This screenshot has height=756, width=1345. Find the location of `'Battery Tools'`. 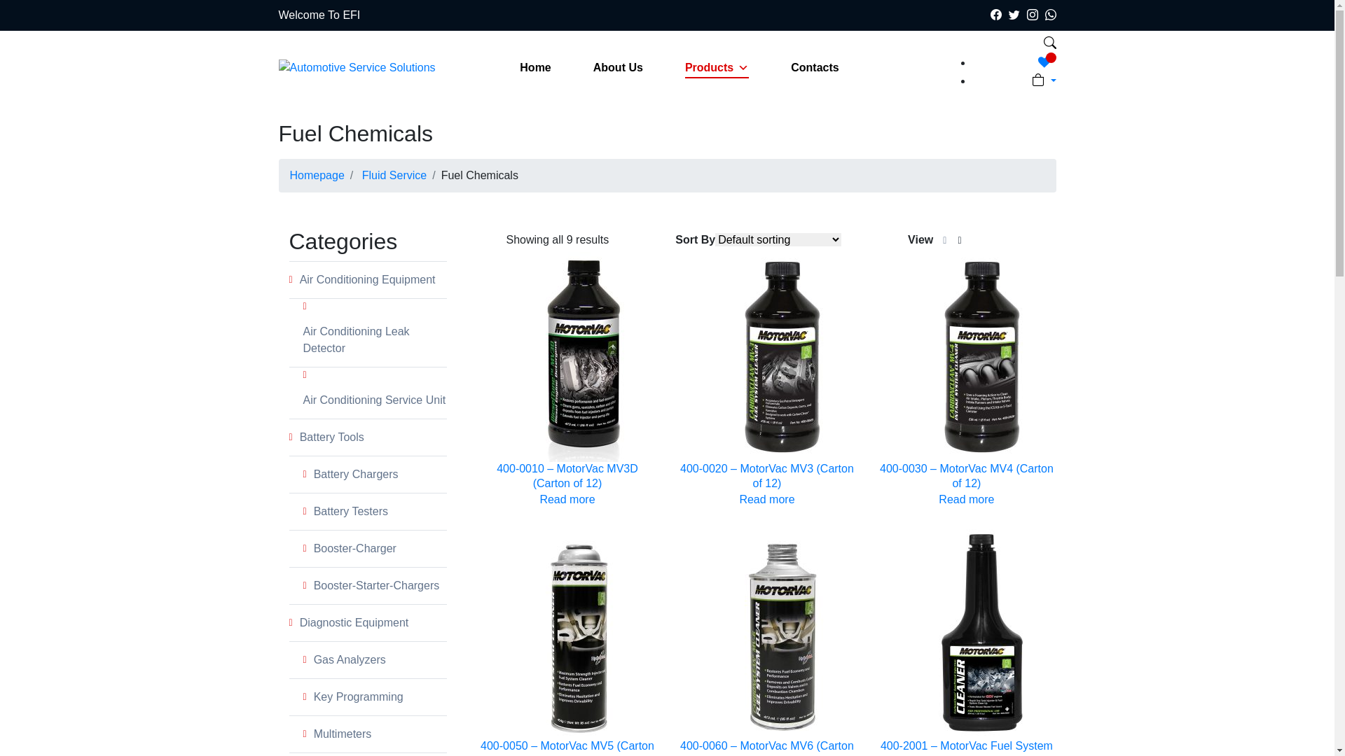

'Battery Tools' is located at coordinates (373, 436).